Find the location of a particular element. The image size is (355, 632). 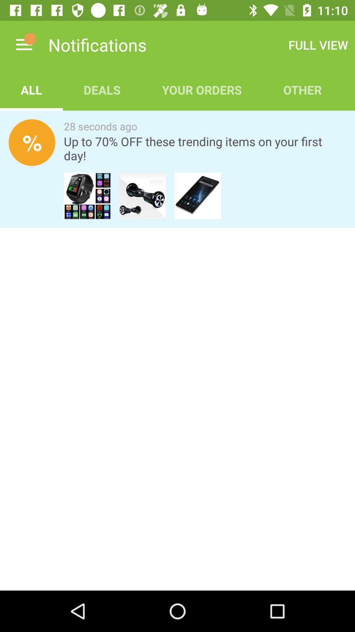

the item next to other icon is located at coordinates (201, 90).